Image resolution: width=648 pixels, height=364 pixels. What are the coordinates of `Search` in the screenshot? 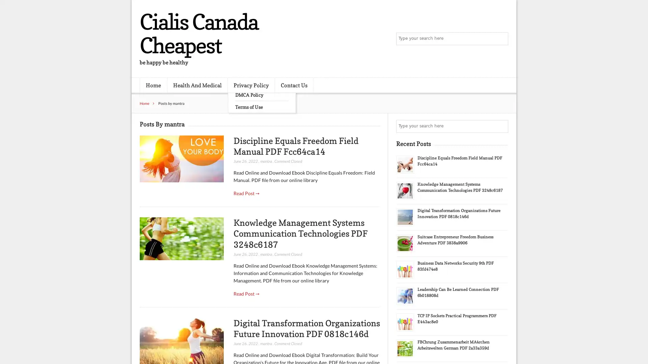 It's located at (501, 39).